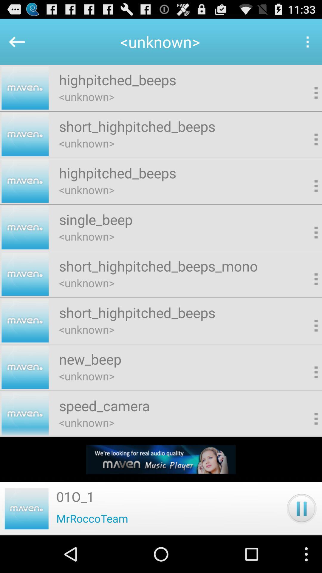  Describe the element at coordinates (301, 544) in the screenshot. I see `the pause icon` at that location.